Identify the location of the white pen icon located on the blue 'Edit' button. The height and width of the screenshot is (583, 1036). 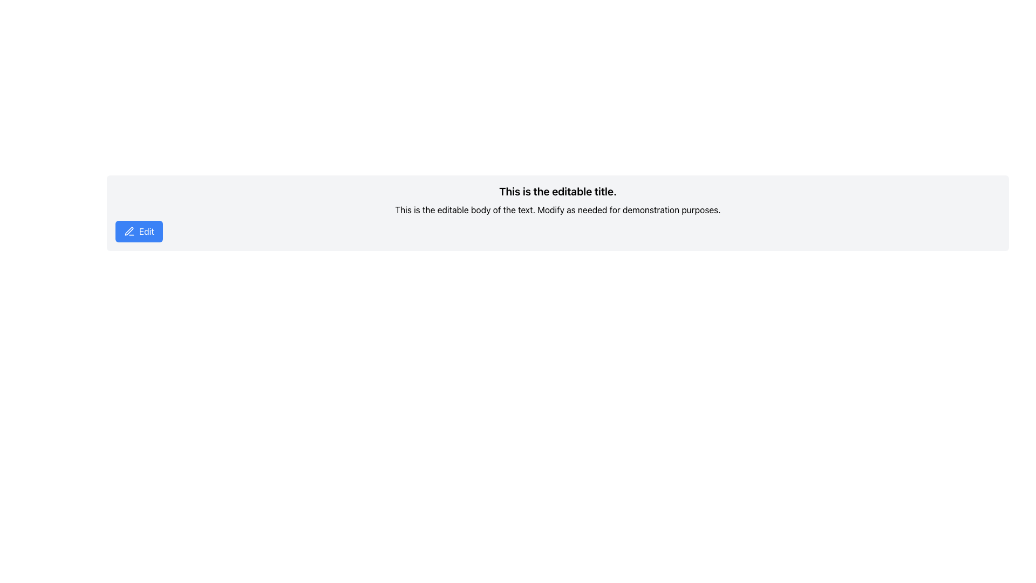
(129, 231).